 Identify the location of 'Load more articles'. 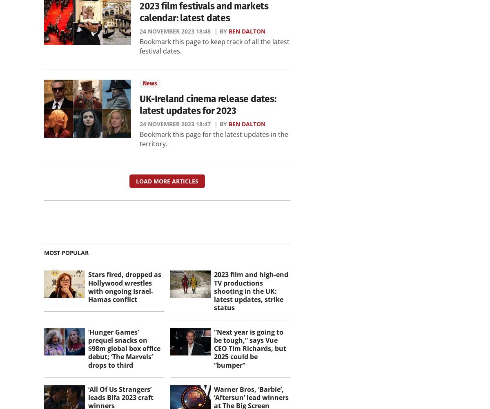
(167, 181).